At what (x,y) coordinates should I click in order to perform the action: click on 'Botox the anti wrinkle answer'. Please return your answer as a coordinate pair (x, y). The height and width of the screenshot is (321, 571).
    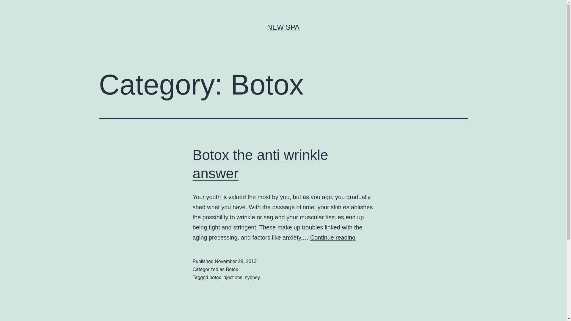
    Looking at the image, I should click on (193, 164).